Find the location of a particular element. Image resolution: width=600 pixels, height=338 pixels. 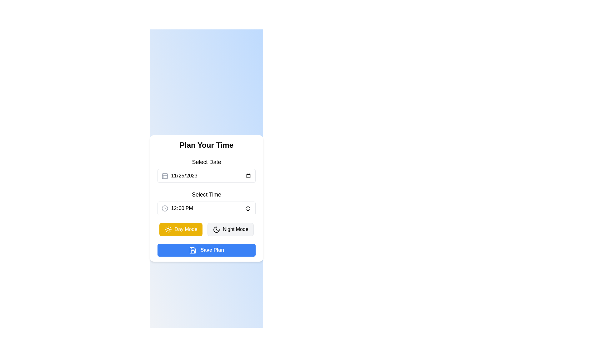

the 'Day Mode' icon, which symbolizes the daylight settings and is located within the 'Day Mode' button near the bottom of the interface is located at coordinates (168, 229).